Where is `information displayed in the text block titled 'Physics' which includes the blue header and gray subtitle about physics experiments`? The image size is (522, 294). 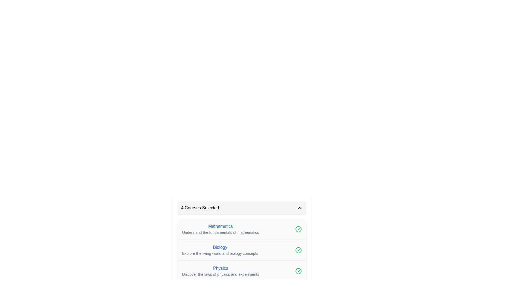
information displayed in the text block titled 'Physics' which includes the blue header and gray subtitle about physics experiments is located at coordinates (220, 271).